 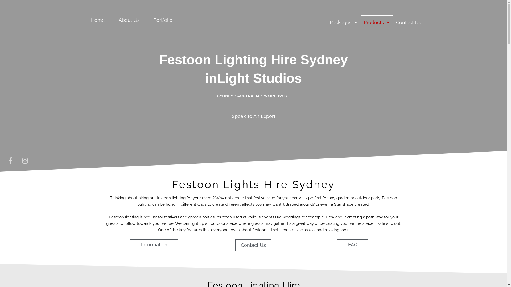 What do you see at coordinates (353, 124) in the screenshot?
I see `'Search'` at bounding box center [353, 124].